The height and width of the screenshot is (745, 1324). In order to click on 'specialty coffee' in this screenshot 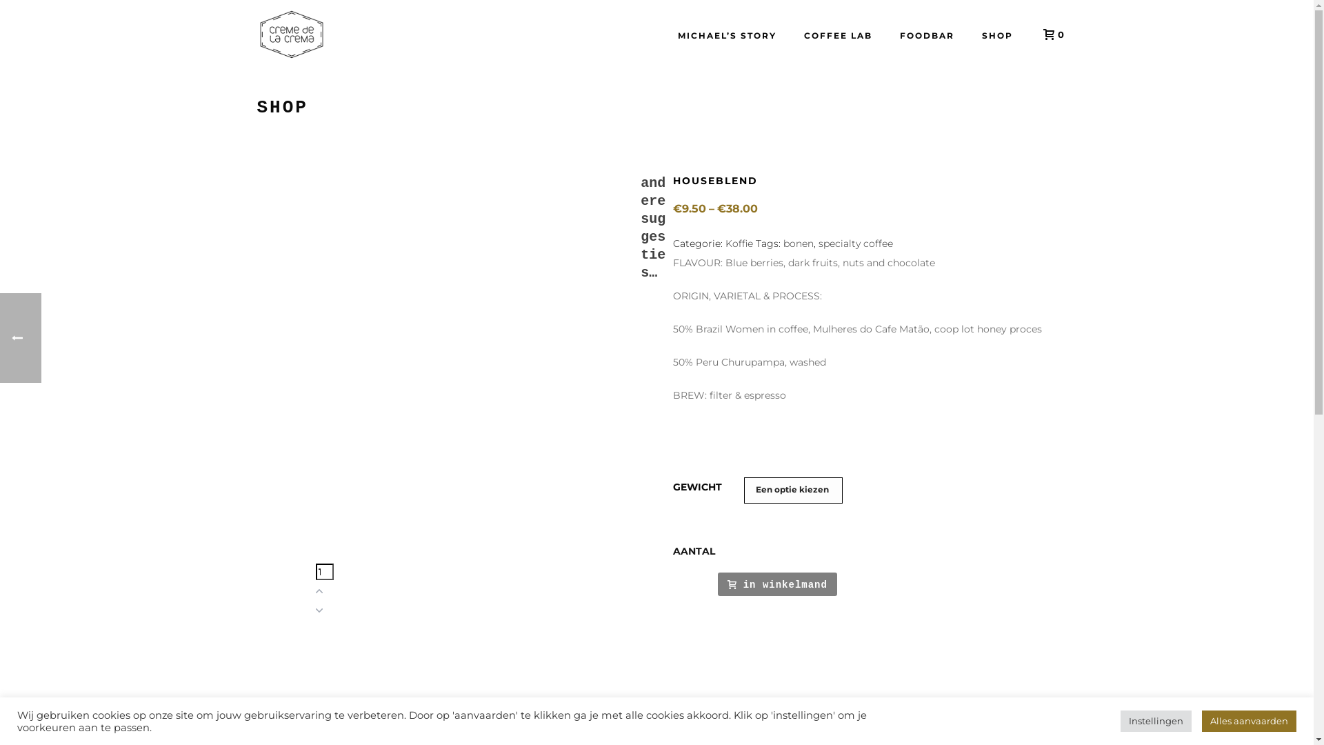, I will do `click(855, 243)`.